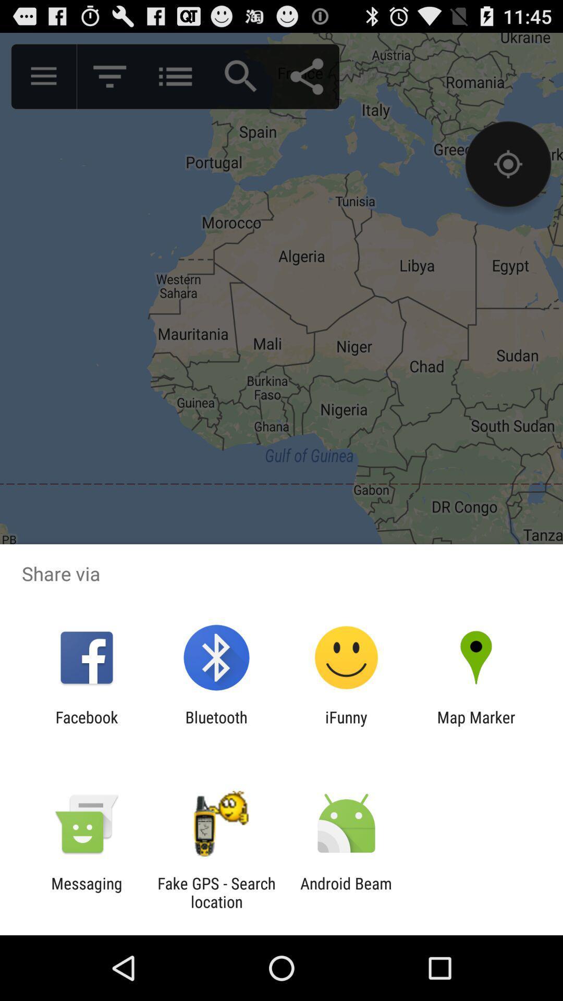  I want to click on the facebook icon, so click(86, 726).